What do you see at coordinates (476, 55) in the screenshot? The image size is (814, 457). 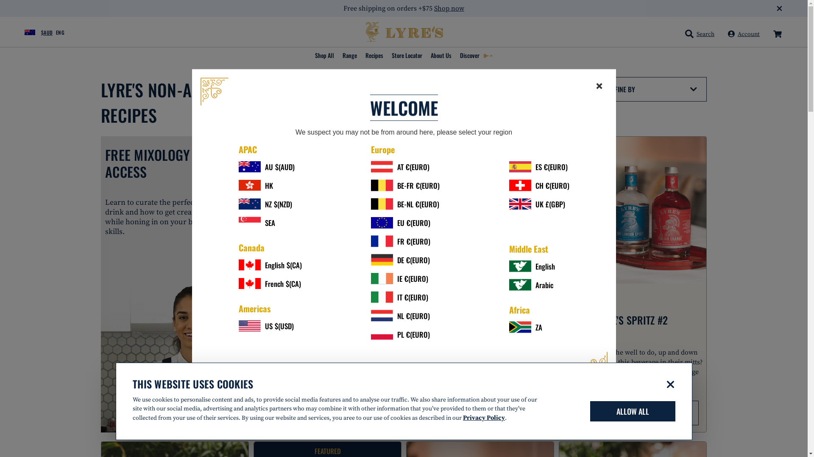 I see `'Discover'` at bounding box center [476, 55].